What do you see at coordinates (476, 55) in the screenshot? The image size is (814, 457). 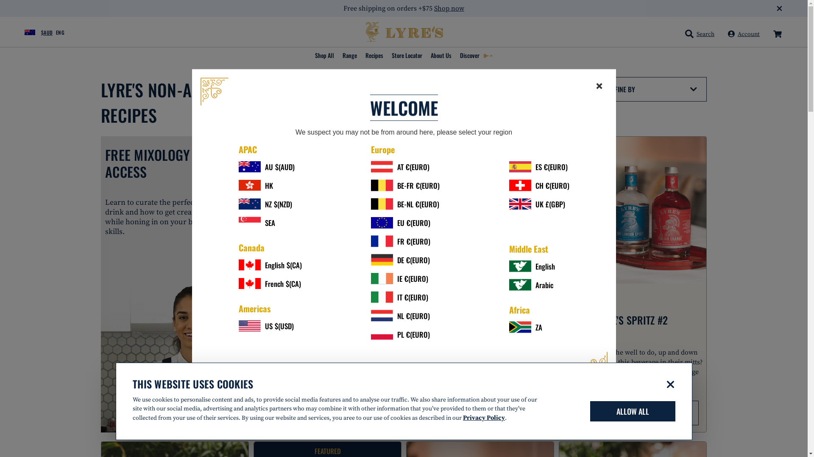 I see `'Discover'` at bounding box center [476, 55].